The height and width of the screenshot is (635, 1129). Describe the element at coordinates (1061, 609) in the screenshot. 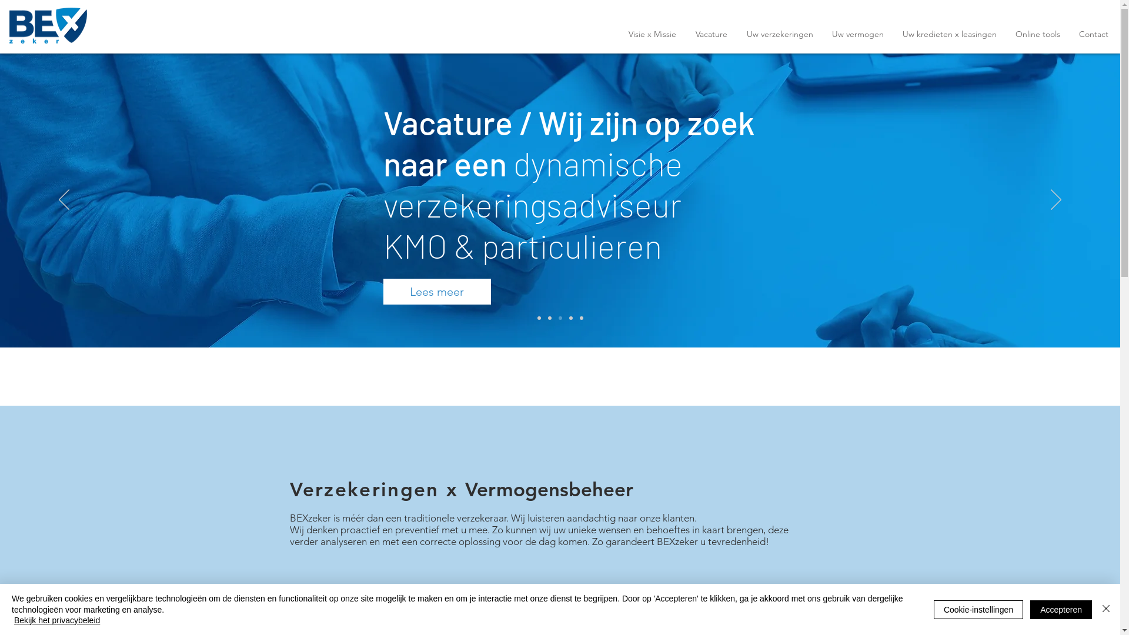

I see `'Accepteren'` at that location.